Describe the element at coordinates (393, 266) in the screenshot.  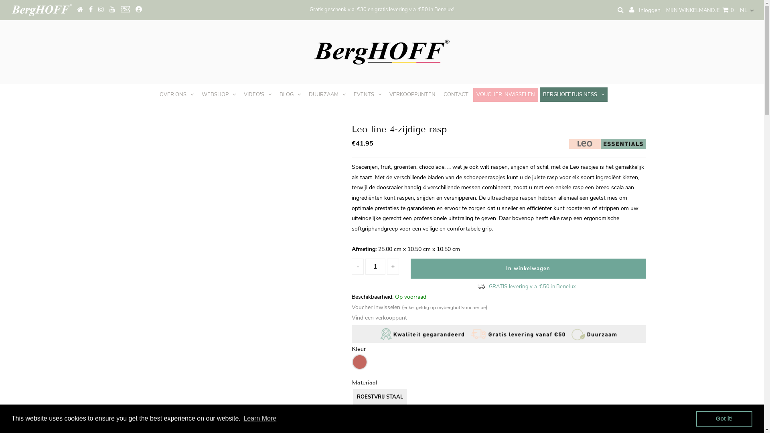
I see `'+'` at that location.